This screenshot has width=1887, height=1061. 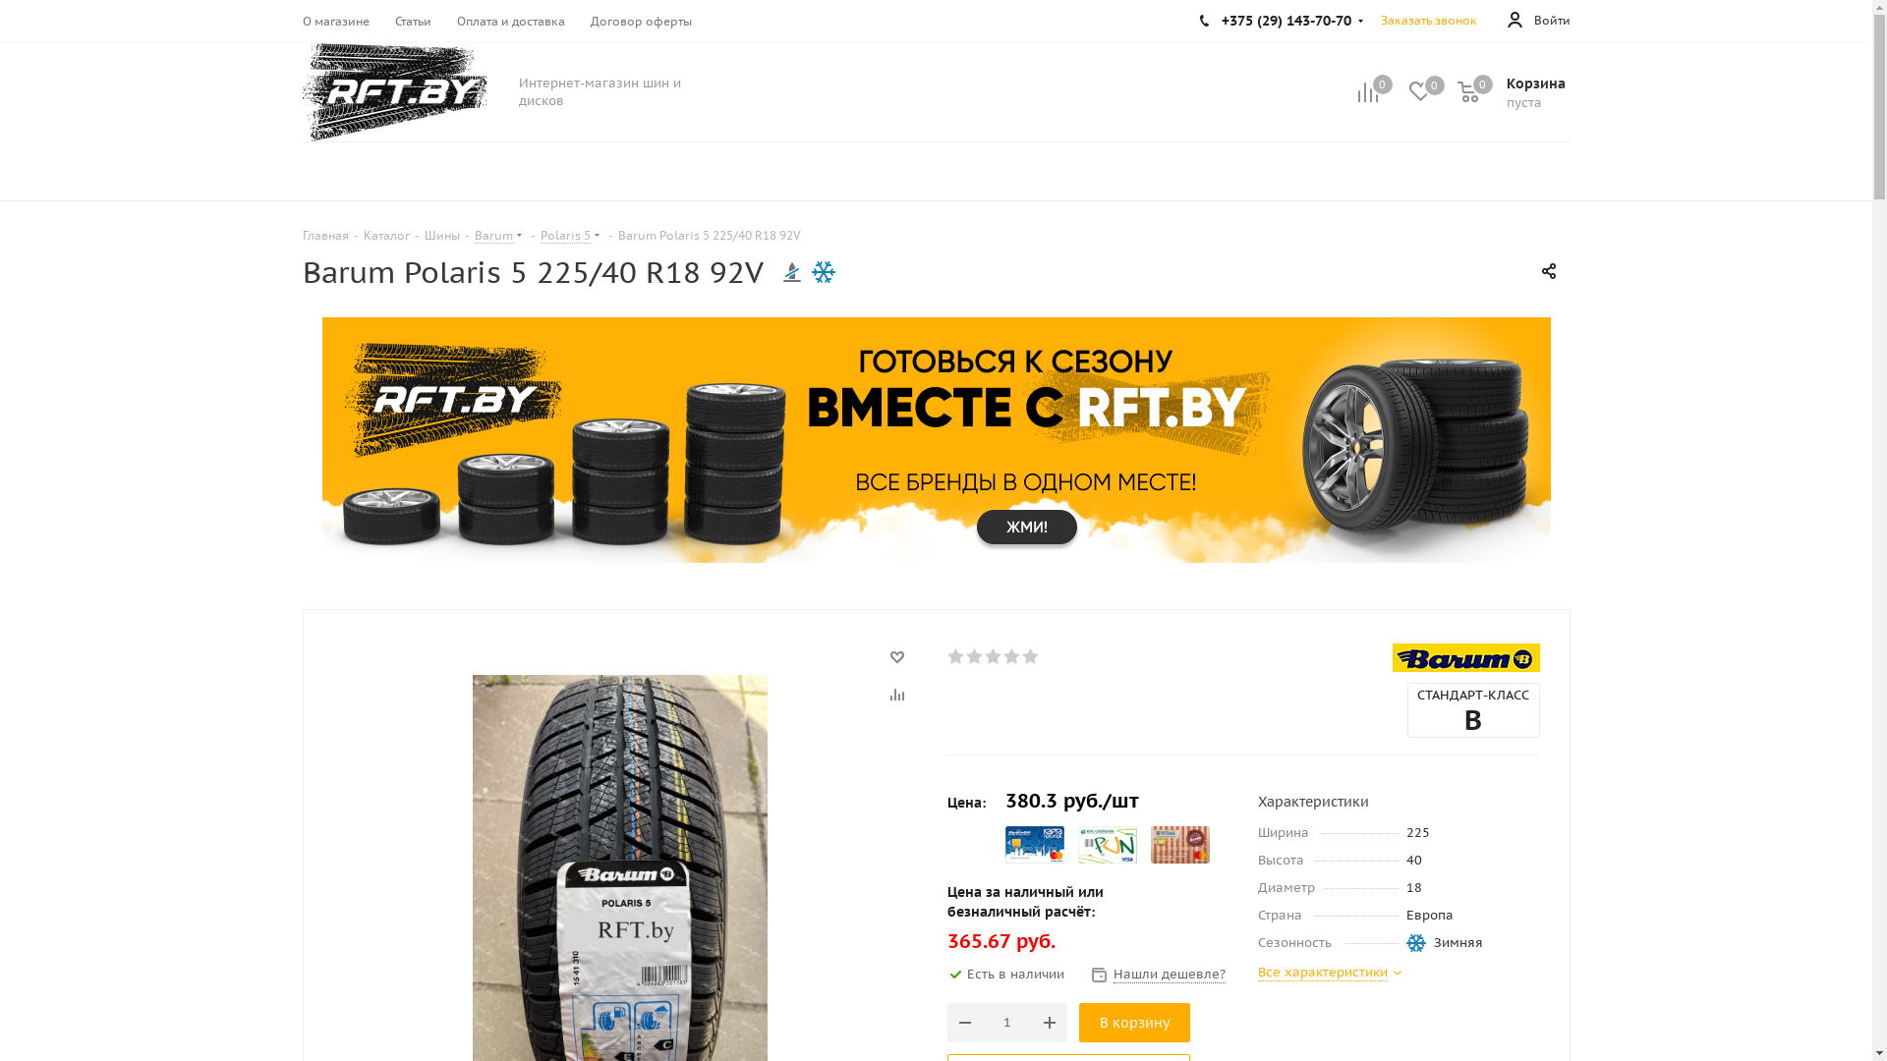 I want to click on '4', so click(x=1011, y=655).